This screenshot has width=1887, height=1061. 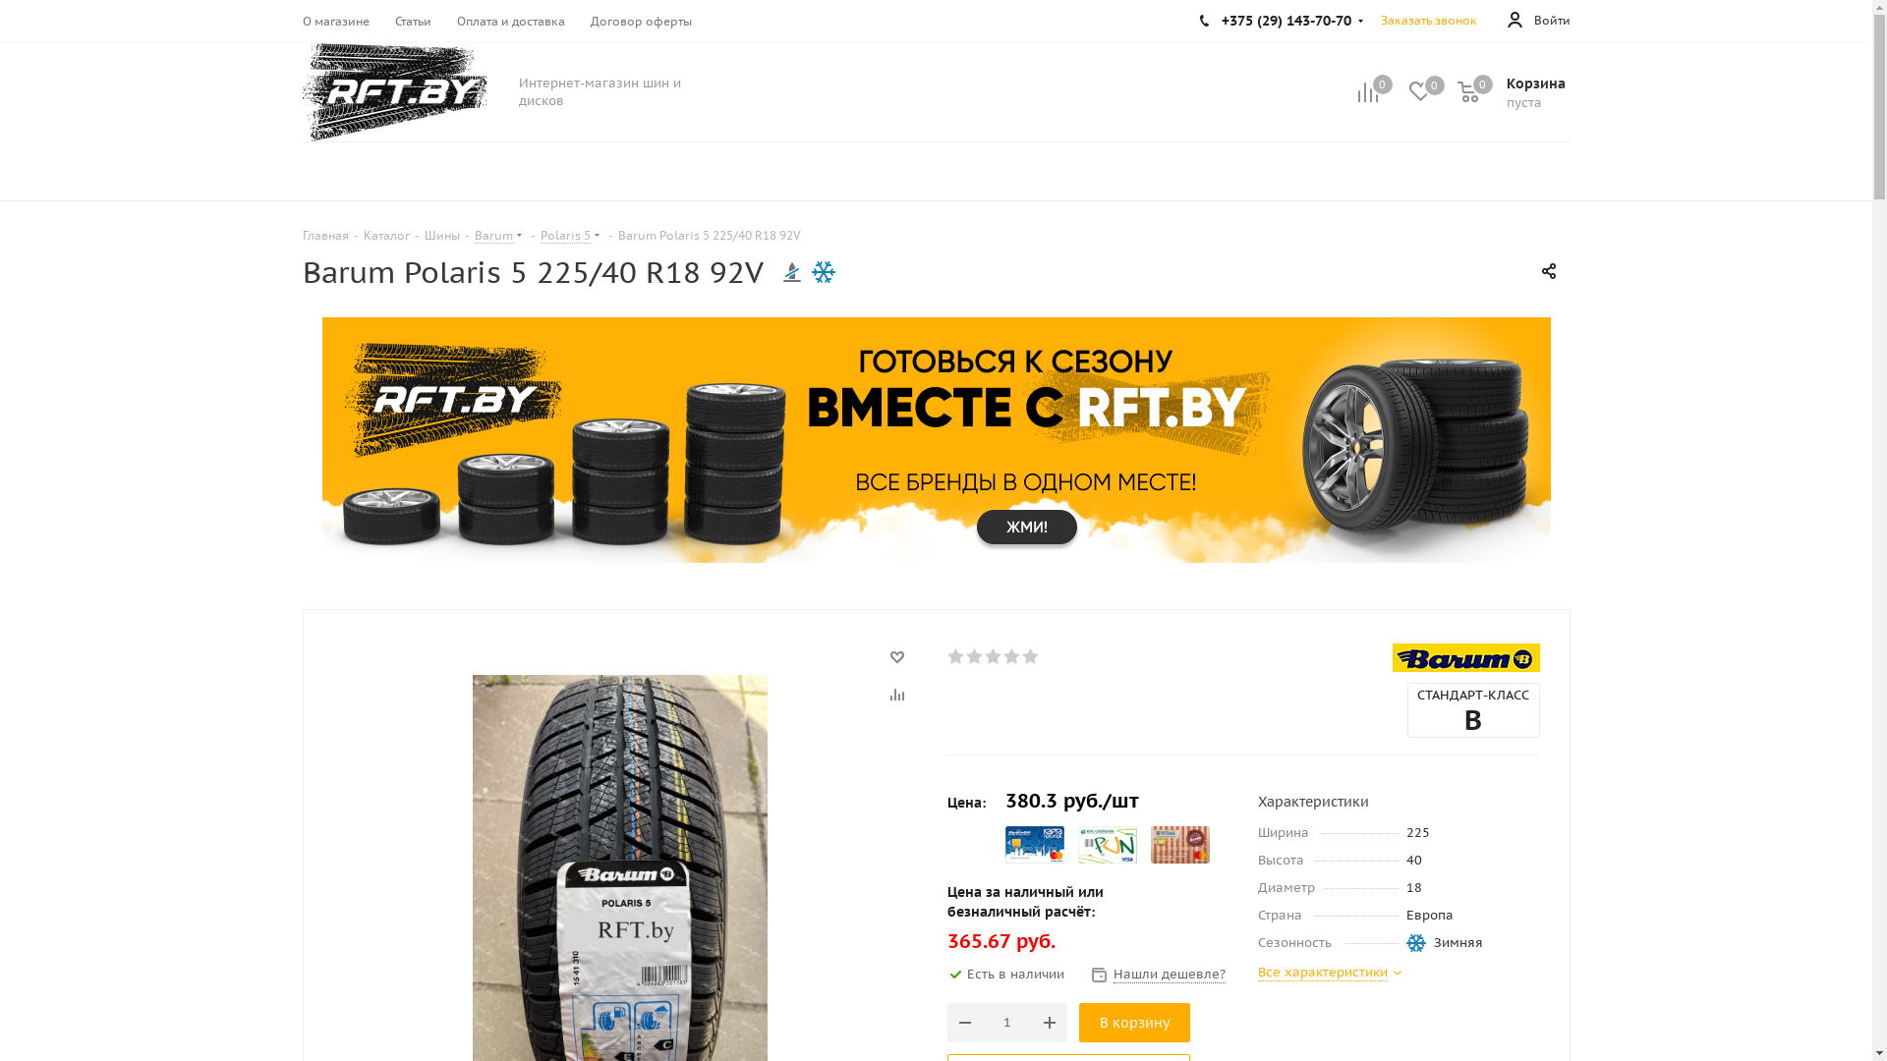 I want to click on '4', so click(x=1011, y=655).